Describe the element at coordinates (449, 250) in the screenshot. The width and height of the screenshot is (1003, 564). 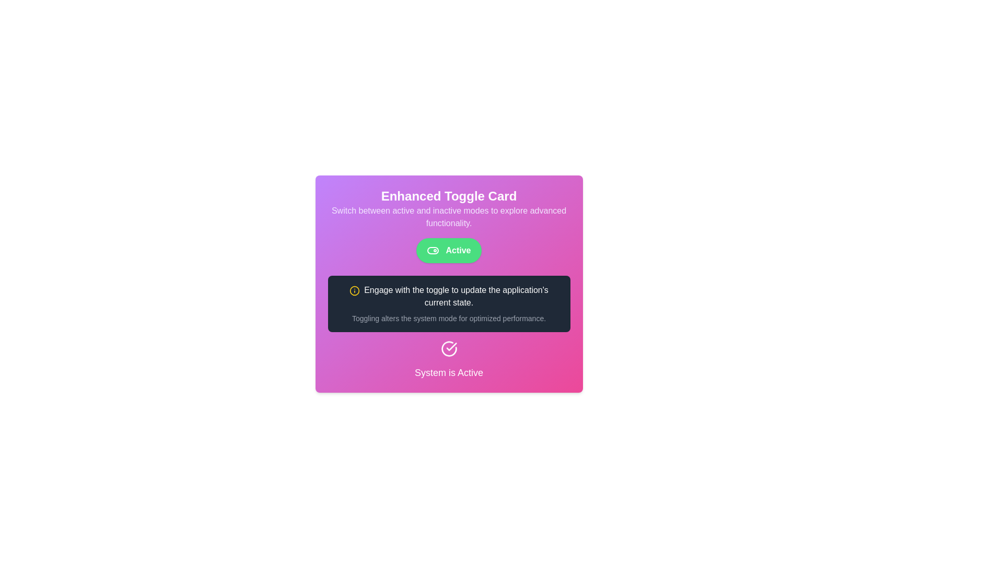
I see `the prominent toggle button located centrally within the card UI layout to switch the interface to 'Active'` at that location.